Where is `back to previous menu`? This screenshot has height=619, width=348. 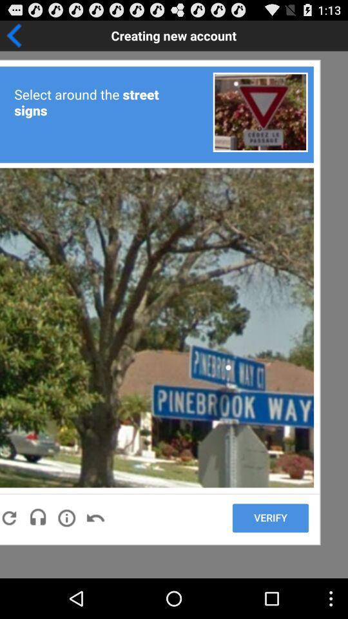
back to previous menu is located at coordinates (53, 35).